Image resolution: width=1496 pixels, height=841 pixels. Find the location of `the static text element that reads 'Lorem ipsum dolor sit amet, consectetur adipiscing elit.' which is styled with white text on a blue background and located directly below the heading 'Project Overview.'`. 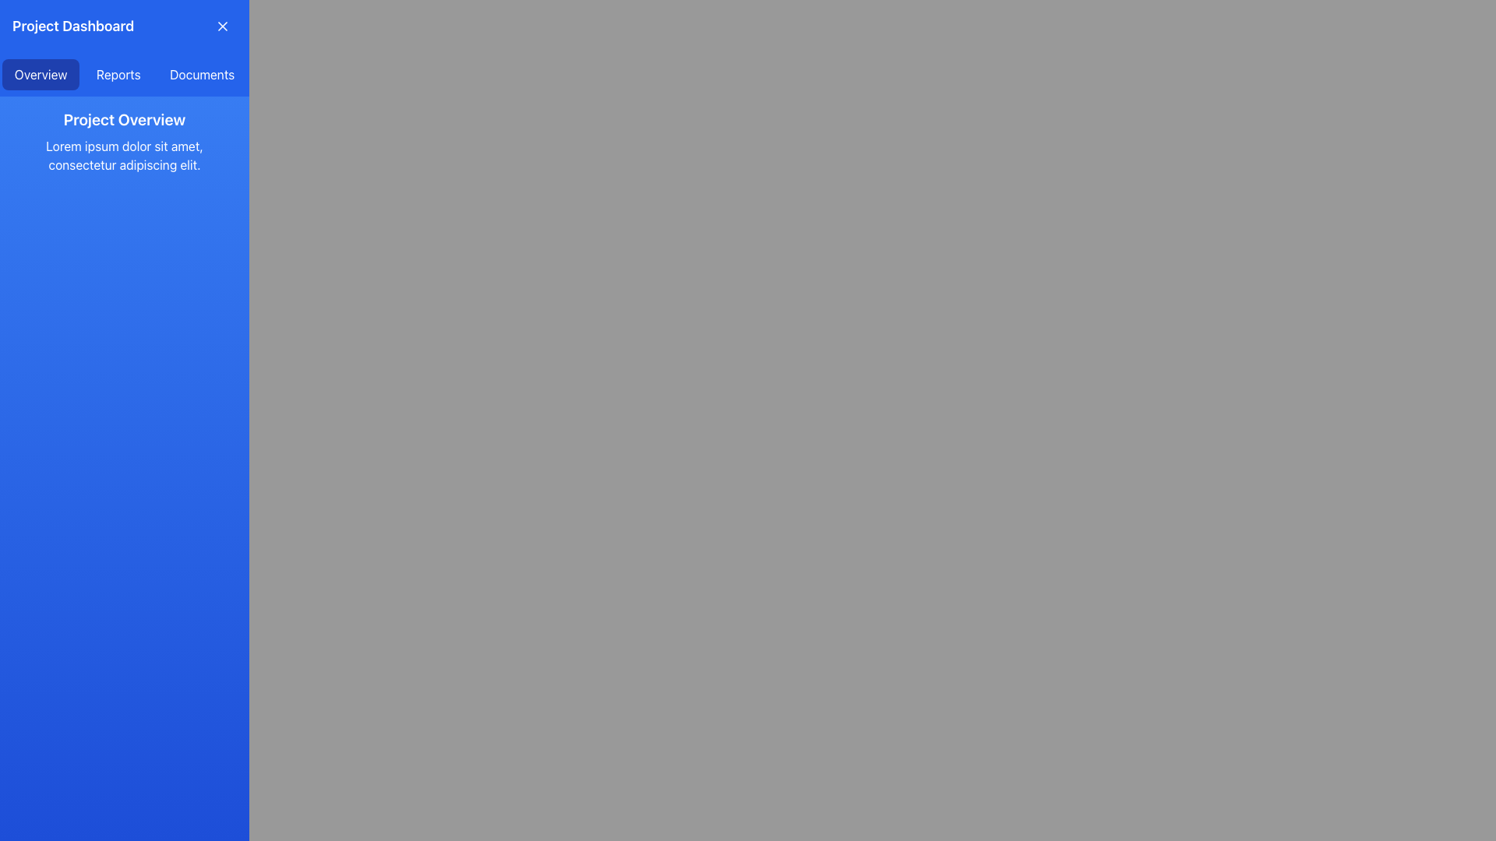

the static text element that reads 'Lorem ipsum dolor sit amet, consectetur adipiscing elit.' which is styled with white text on a blue background and located directly below the heading 'Project Overview.' is located at coordinates (123, 156).